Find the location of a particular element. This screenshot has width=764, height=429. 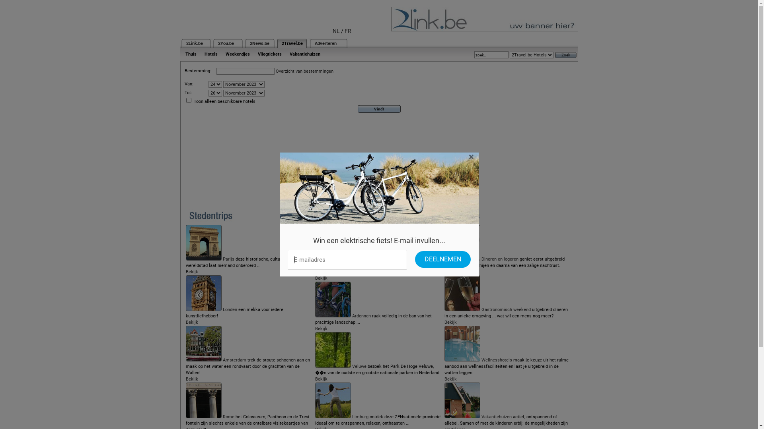

'2Link.be' is located at coordinates (195, 43).